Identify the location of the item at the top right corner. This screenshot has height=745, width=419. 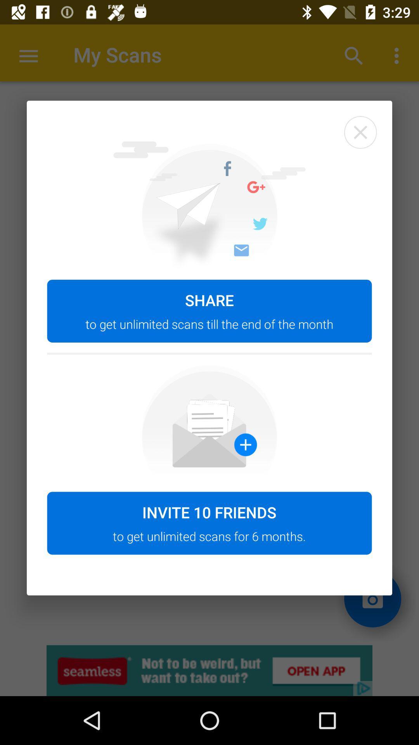
(360, 132).